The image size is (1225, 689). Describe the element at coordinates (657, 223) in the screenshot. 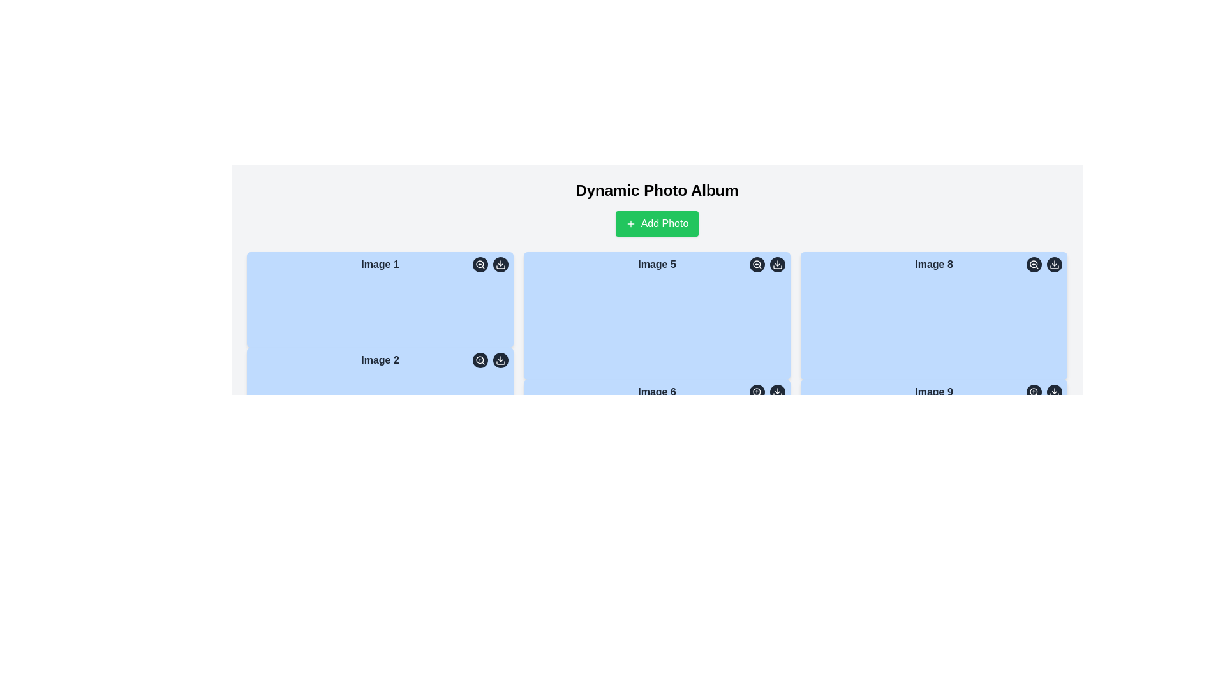

I see `the button for adding a new photo to the album` at that location.